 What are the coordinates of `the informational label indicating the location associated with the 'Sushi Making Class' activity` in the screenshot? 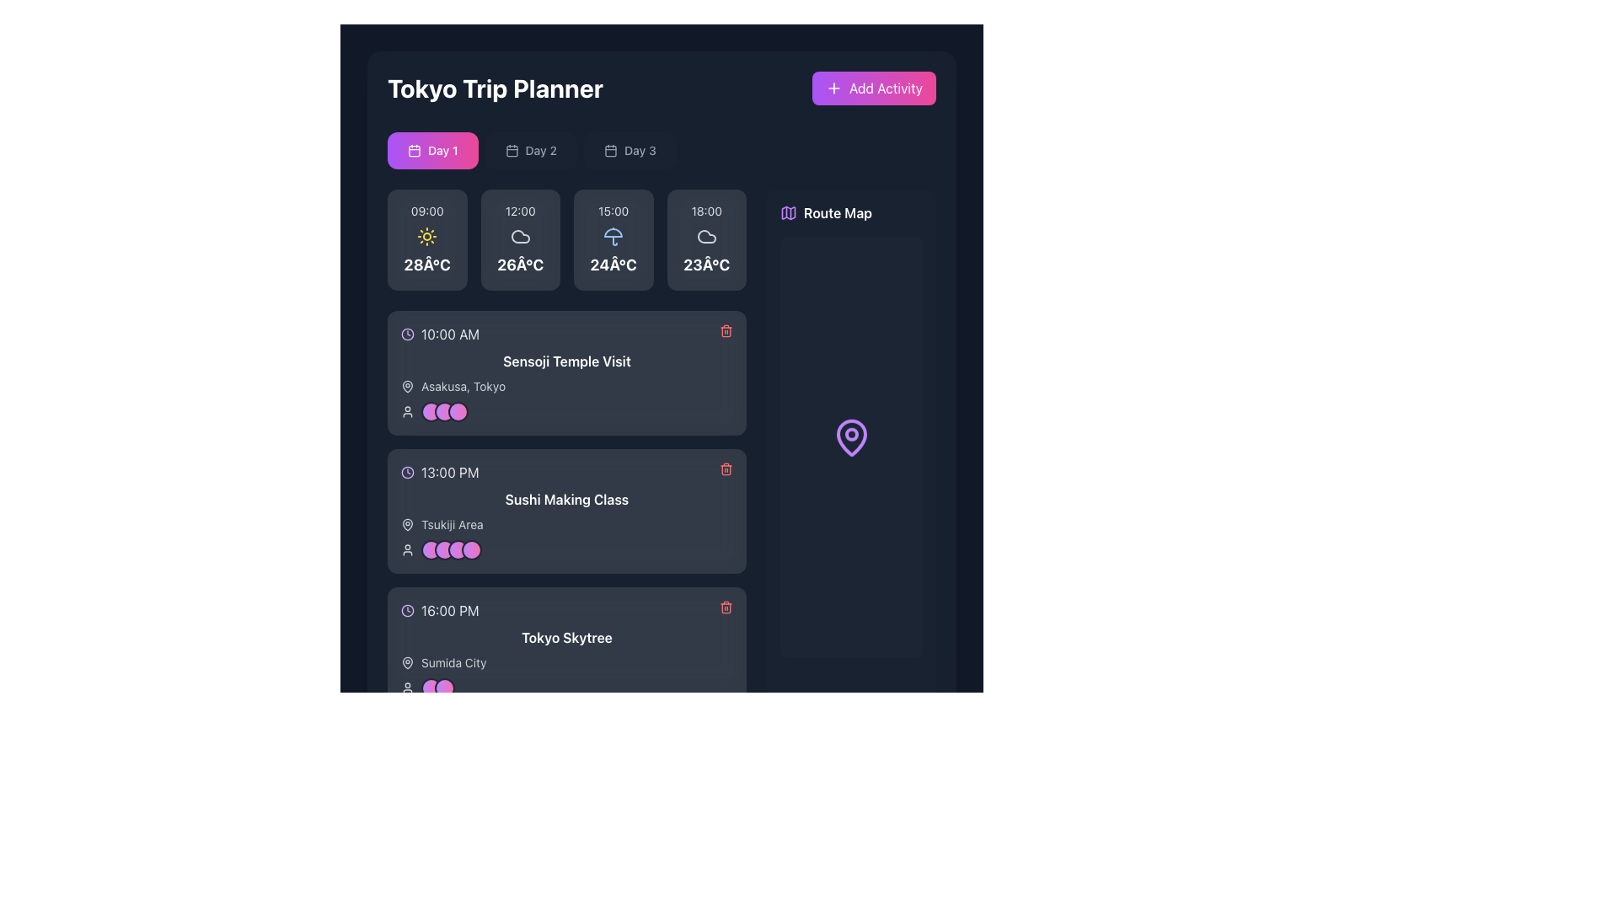 It's located at (566, 524).